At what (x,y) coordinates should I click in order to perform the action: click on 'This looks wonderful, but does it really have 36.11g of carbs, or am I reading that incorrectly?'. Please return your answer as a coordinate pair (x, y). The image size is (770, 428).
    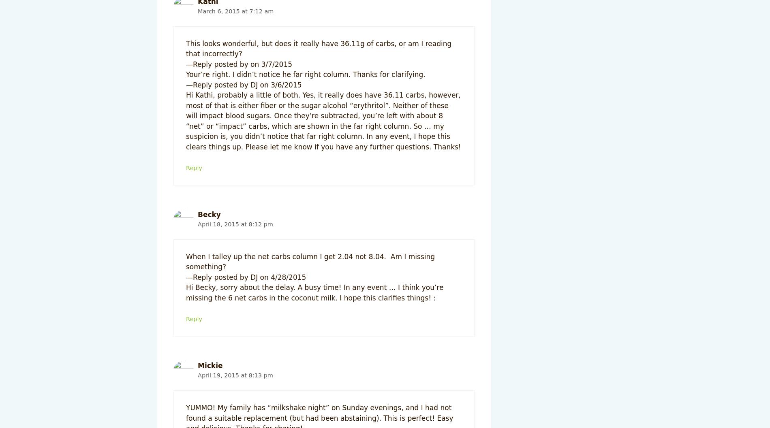
    Looking at the image, I should click on (318, 48).